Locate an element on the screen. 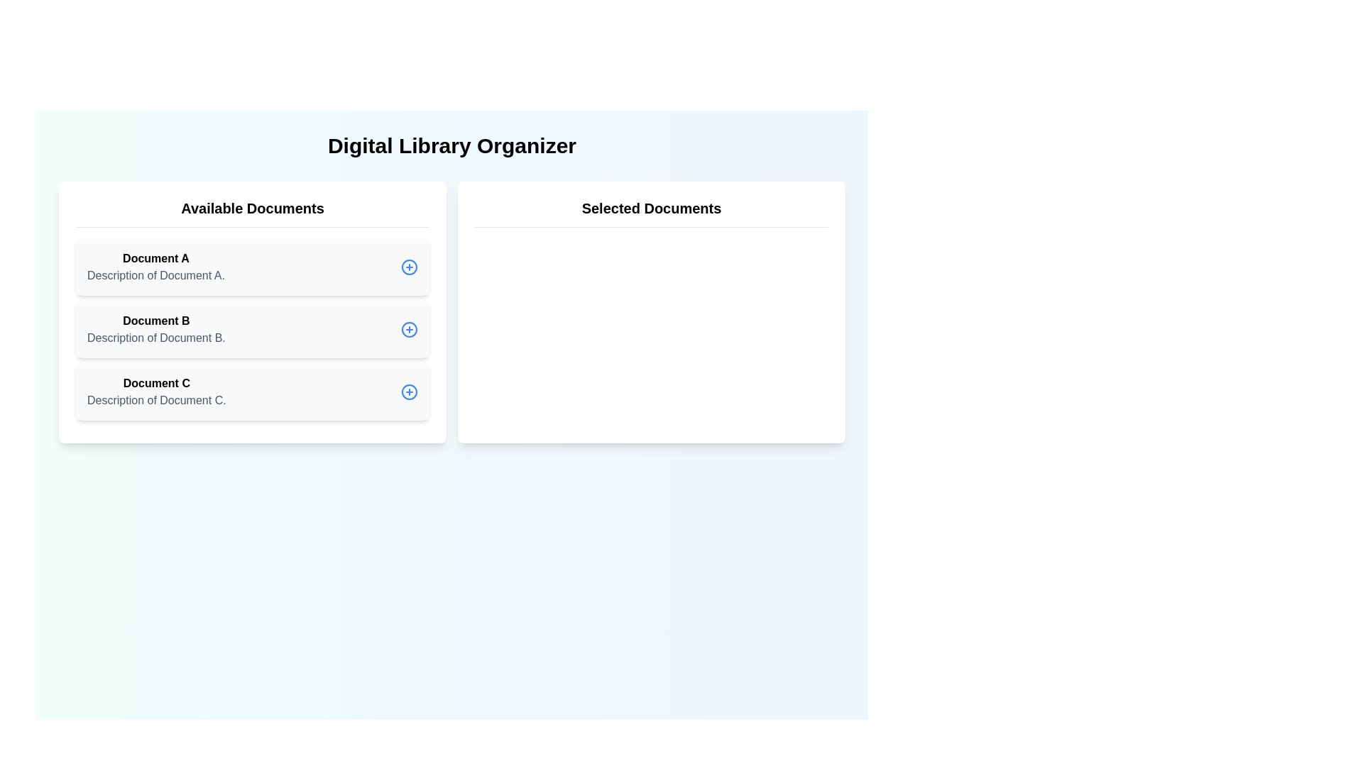 The height and width of the screenshot is (766, 1363). the Text Block titled 'Document A', which contains a subtitle 'Description of Document A.' located in the 'Available Documents' section as the first entry is located at coordinates (156, 267).